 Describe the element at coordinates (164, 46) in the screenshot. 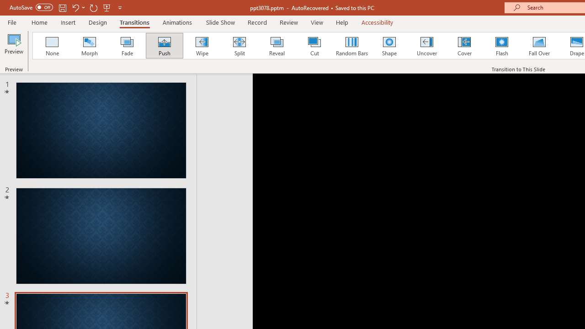

I see `'Push'` at that location.